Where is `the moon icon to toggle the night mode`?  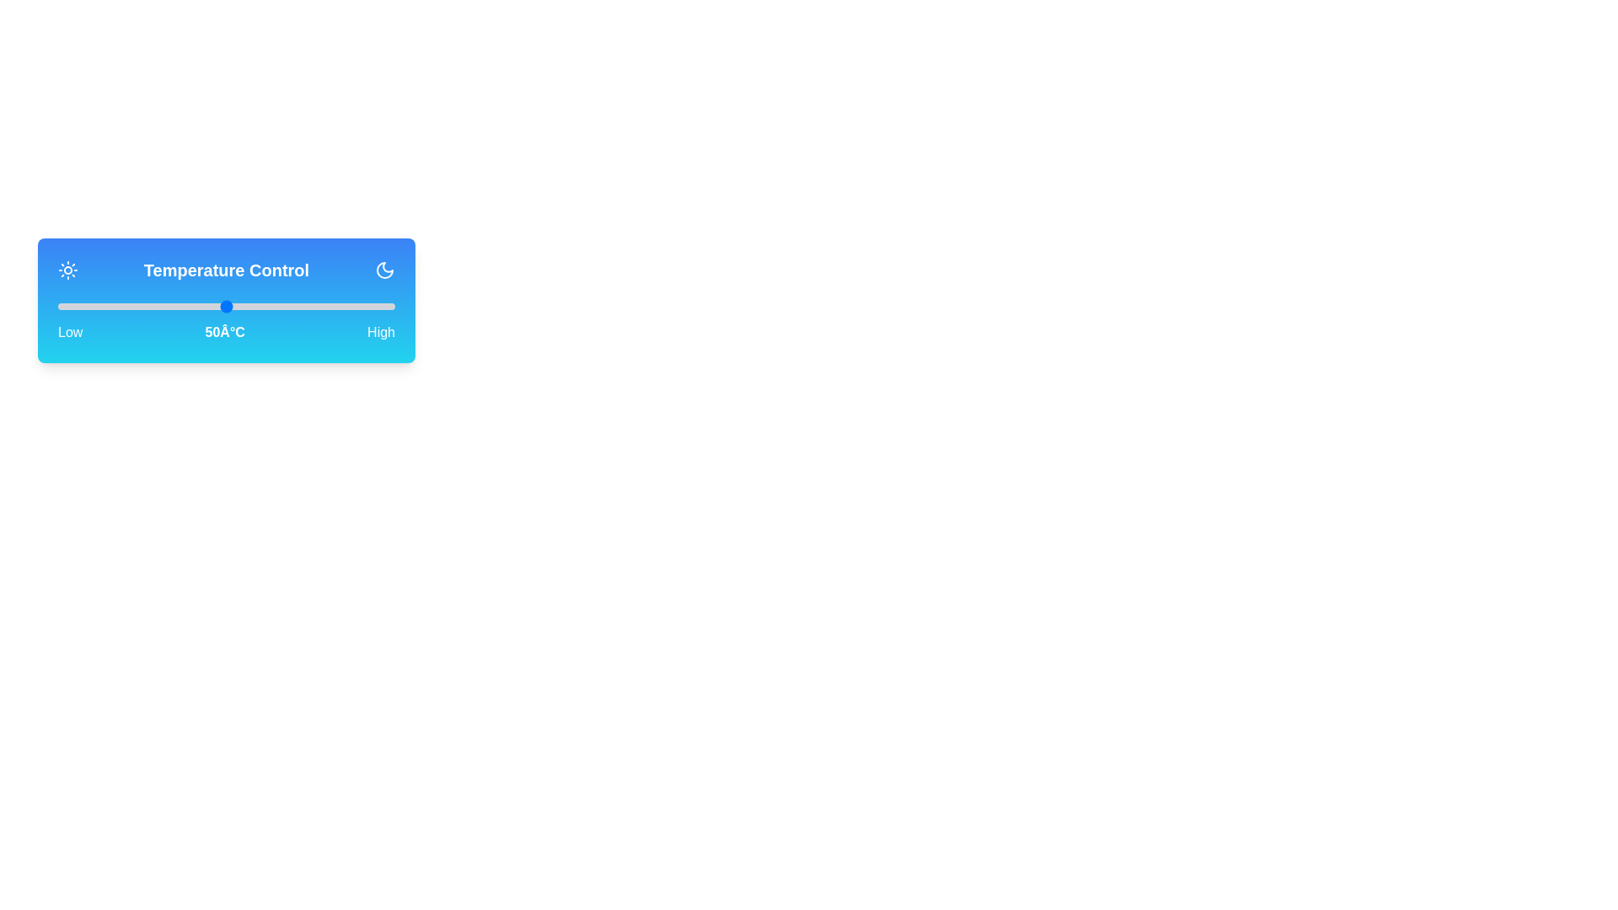
the moon icon to toggle the night mode is located at coordinates (383, 269).